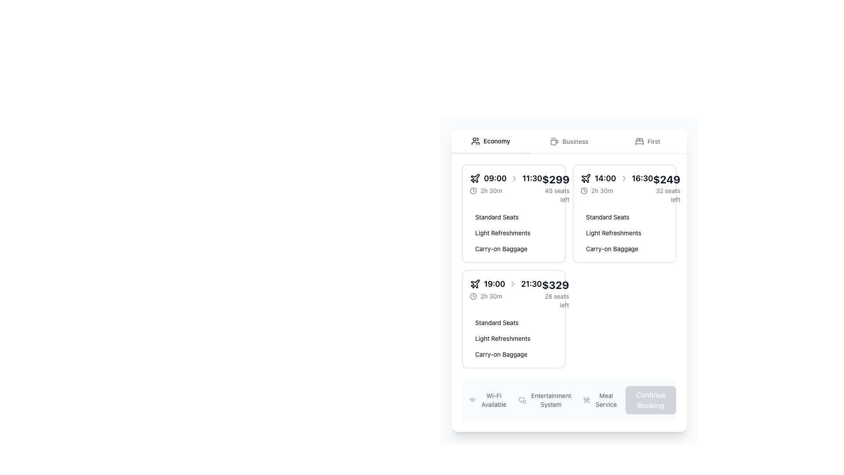 This screenshot has width=844, height=475. What do you see at coordinates (555, 285) in the screenshot?
I see `bold text displaying the price '$329' located at the top-right corner of the flight details card, which is styled in dark color against a light gray background` at bounding box center [555, 285].